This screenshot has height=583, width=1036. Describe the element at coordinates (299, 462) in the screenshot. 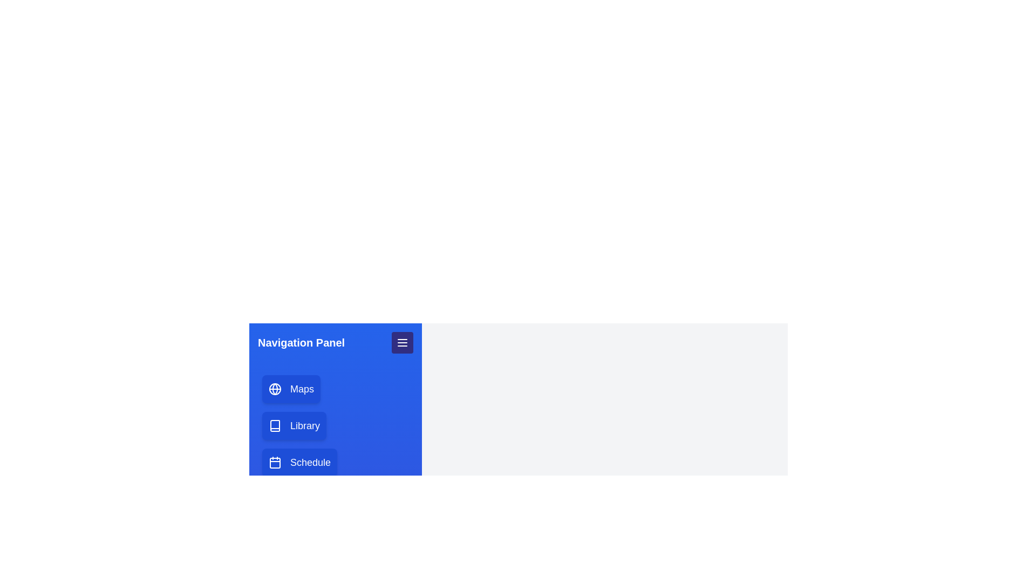

I see `the button corresponding to the category Schedule` at that location.